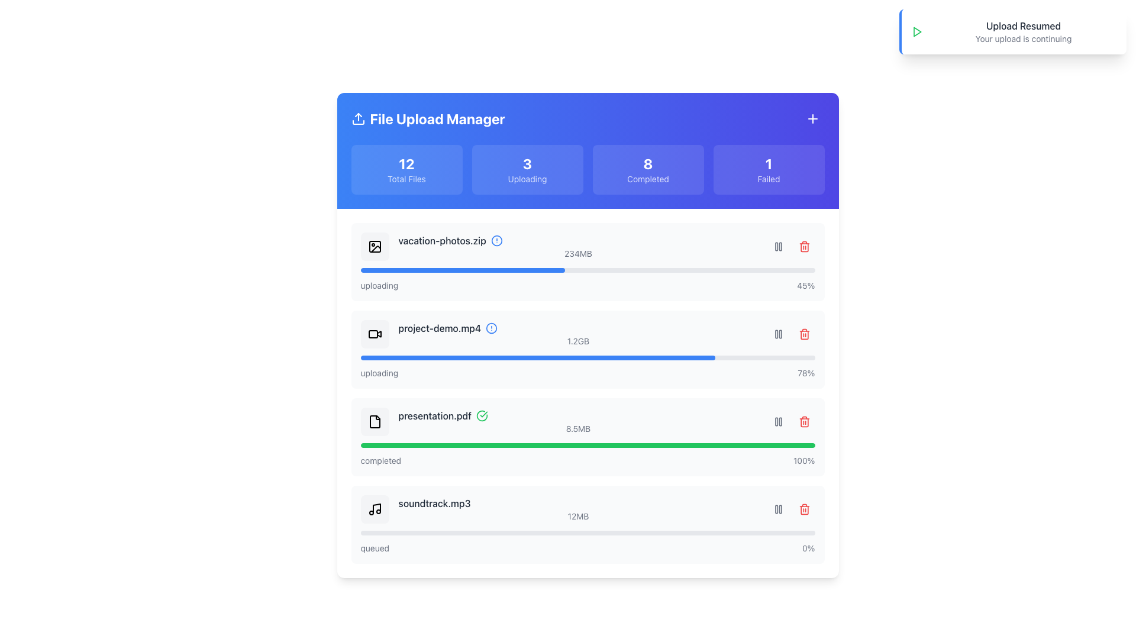 The height and width of the screenshot is (639, 1136). Describe the element at coordinates (588, 334) in the screenshot. I see `the list item representing the file 'project-demo.mp4' in the File Upload Manager to check its upload status` at that location.